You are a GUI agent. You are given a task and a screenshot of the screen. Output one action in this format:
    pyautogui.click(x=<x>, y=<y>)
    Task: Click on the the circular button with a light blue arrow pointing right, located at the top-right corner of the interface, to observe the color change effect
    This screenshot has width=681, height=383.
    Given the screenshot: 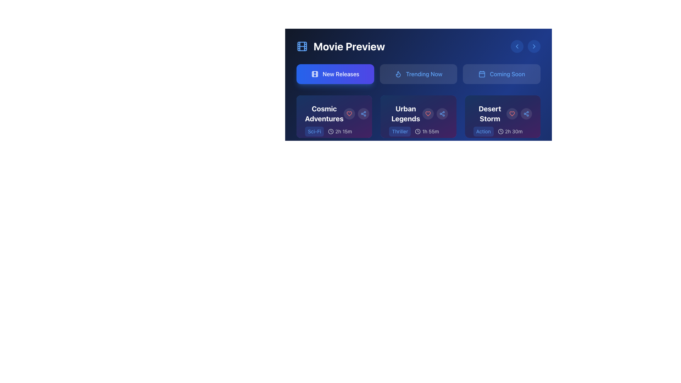 What is the action you would take?
    pyautogui.click(x=534, y=46)
    